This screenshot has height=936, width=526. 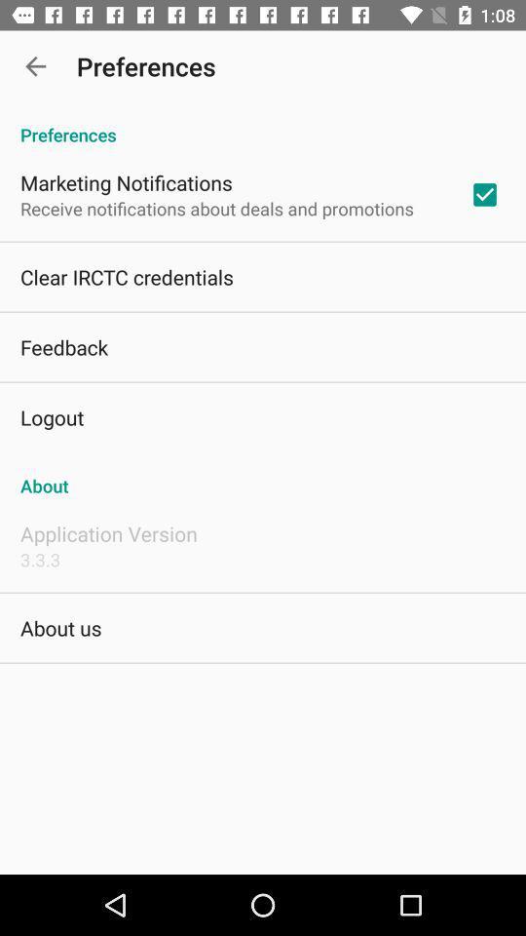 What do you see at coordinates (483, 194) in the screenshot?
I see `item next to the receive notifications about app` at bounding box center [483, 194].